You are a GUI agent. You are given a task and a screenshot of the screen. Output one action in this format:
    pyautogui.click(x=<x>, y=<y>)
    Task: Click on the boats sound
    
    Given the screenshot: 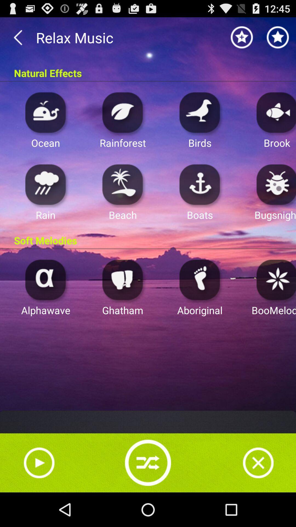 What is the action you would take?
    pyautogui.click(x=200, y=184)
    